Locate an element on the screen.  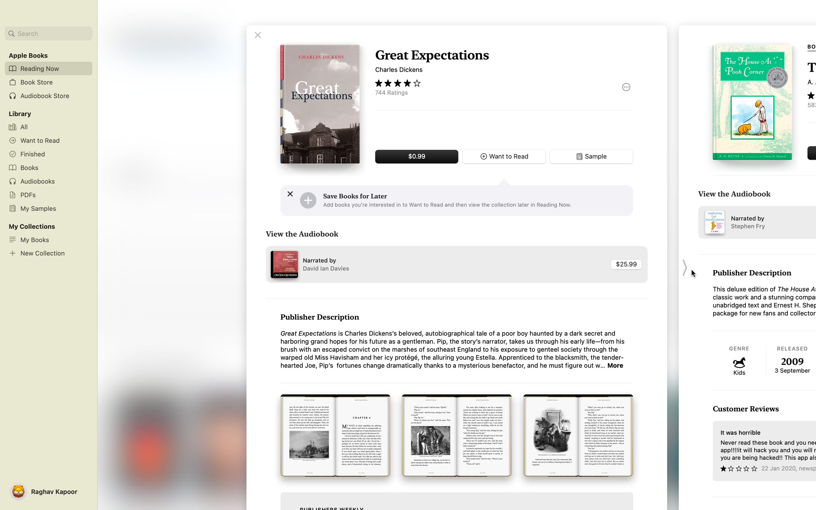
Shut the text named "Great expectations is located at coordinates (257, 35).